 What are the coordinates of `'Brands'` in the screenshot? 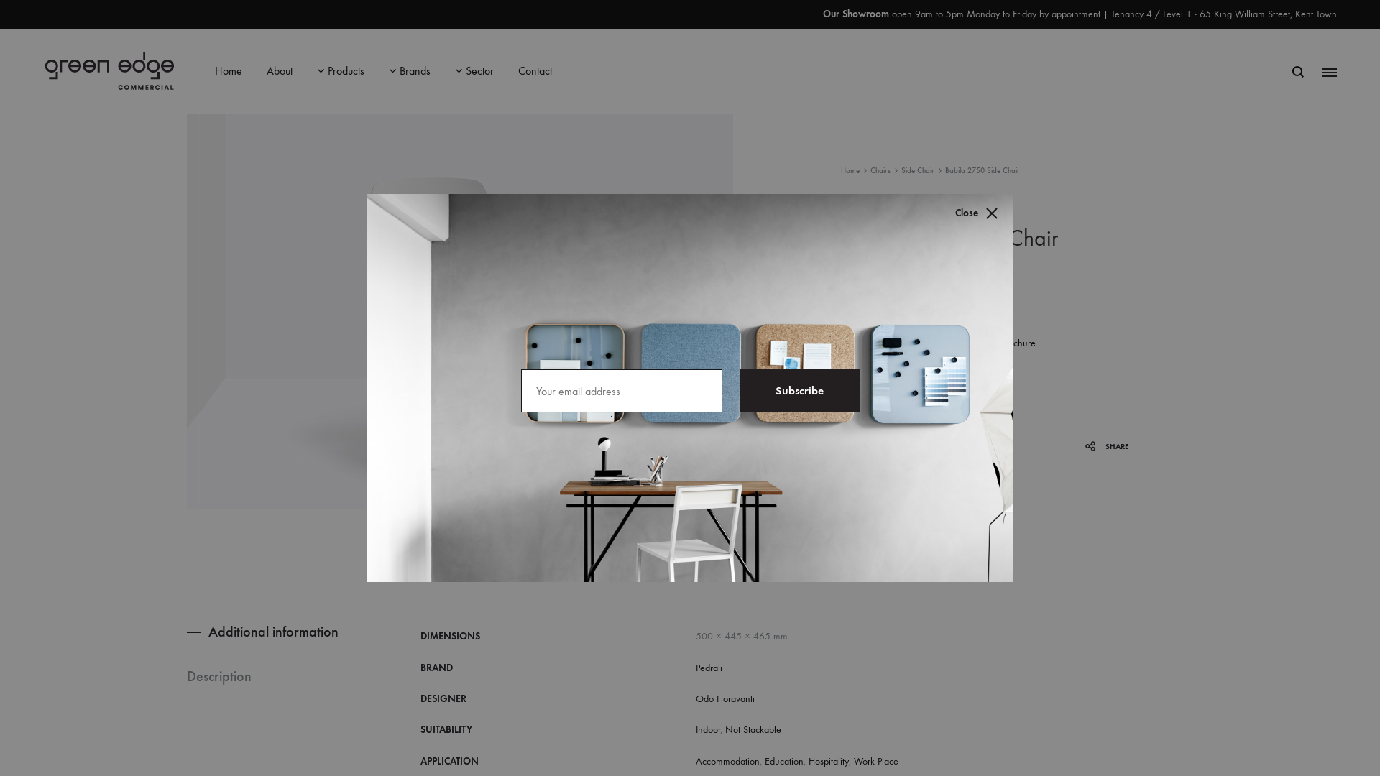 It's located at (409, 71).